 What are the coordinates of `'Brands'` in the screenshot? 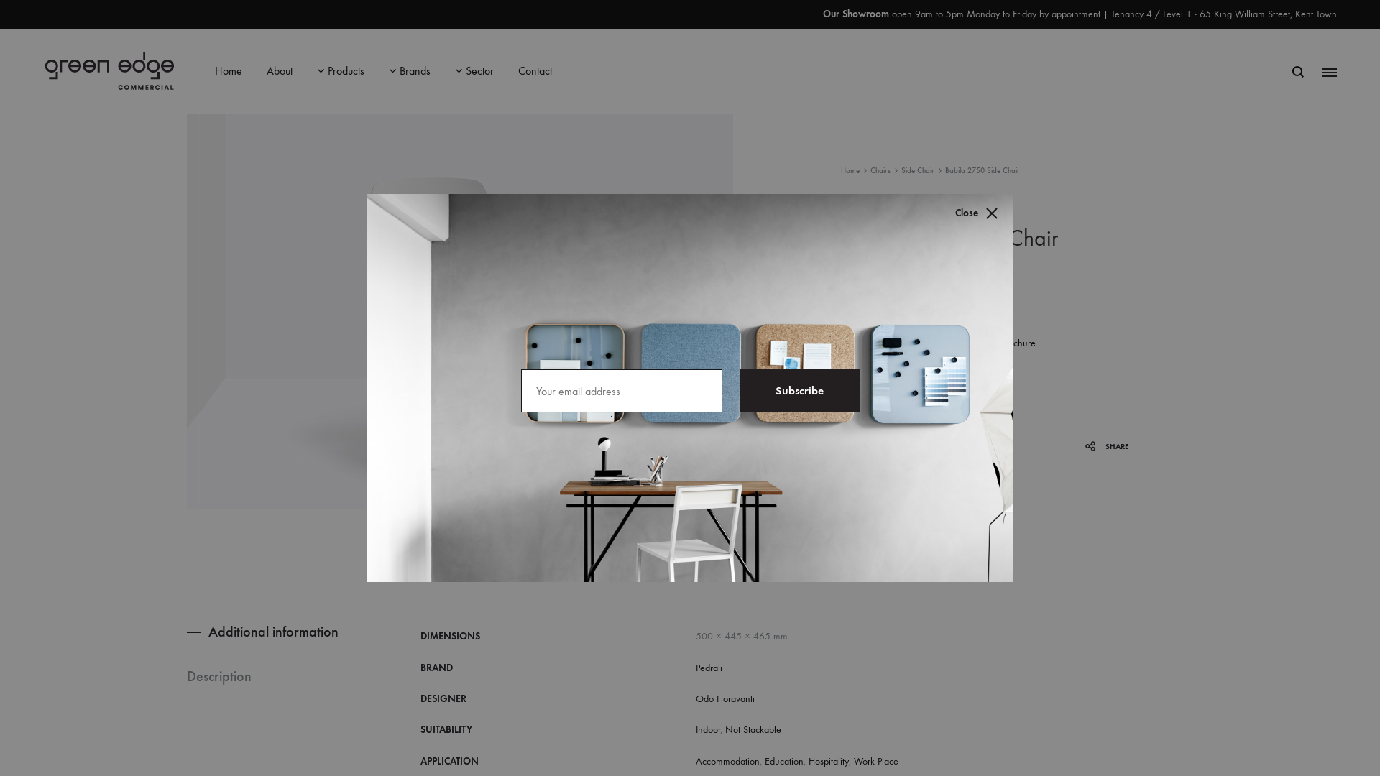 It's located at (409, 71).